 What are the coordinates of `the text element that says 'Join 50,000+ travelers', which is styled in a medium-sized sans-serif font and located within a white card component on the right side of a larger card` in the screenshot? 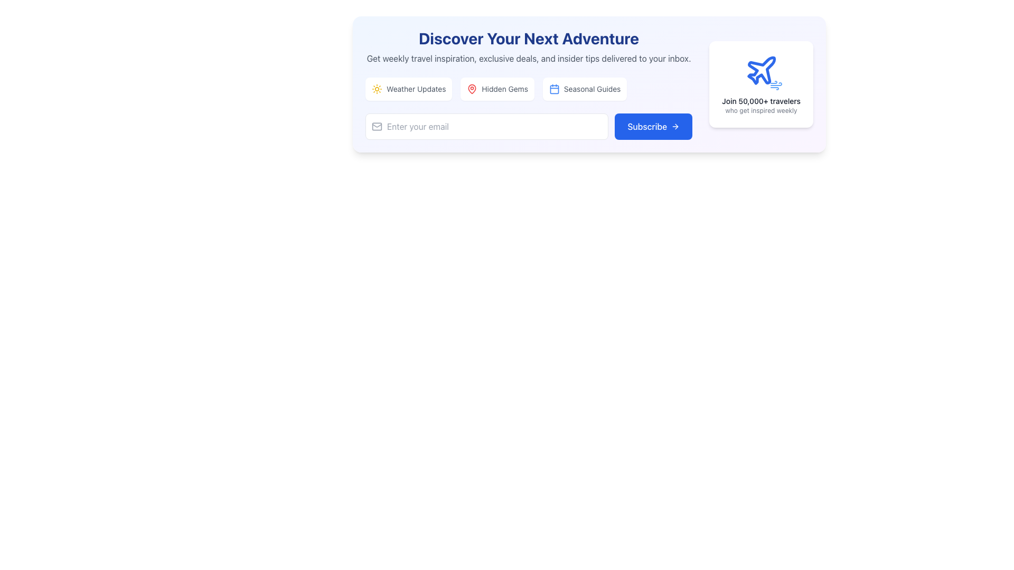 It's located at (761, 101).